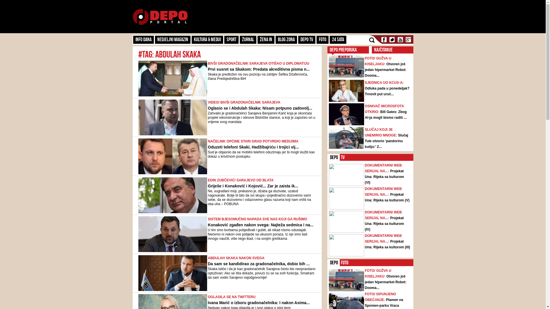 This screenshot has height=309, width=550. I want to click on 'Projekat Una: Rijeka sa kulturom (III)', so click(364, 244).